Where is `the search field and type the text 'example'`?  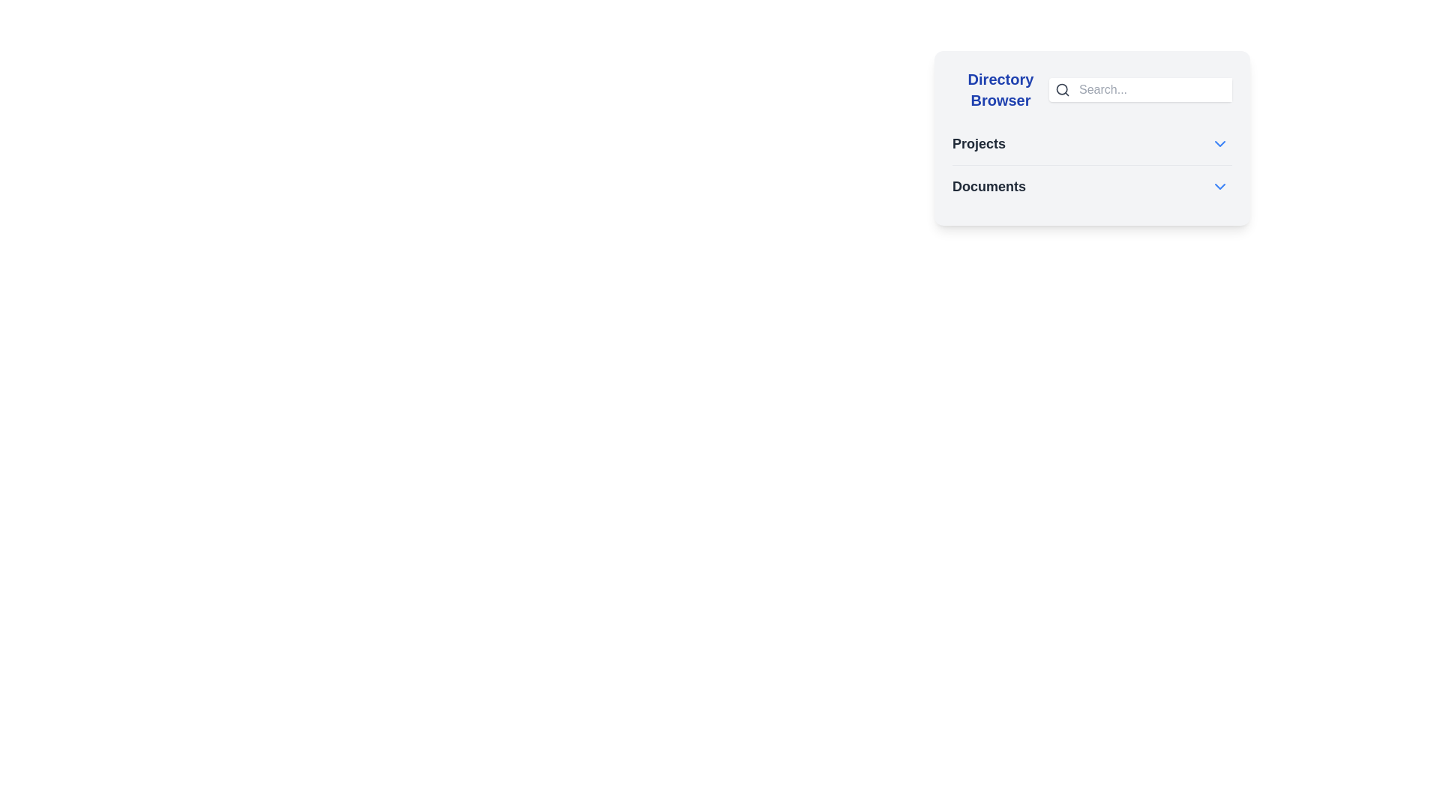
the search field and type the text 'example' is located at coordinates (1153, 89).